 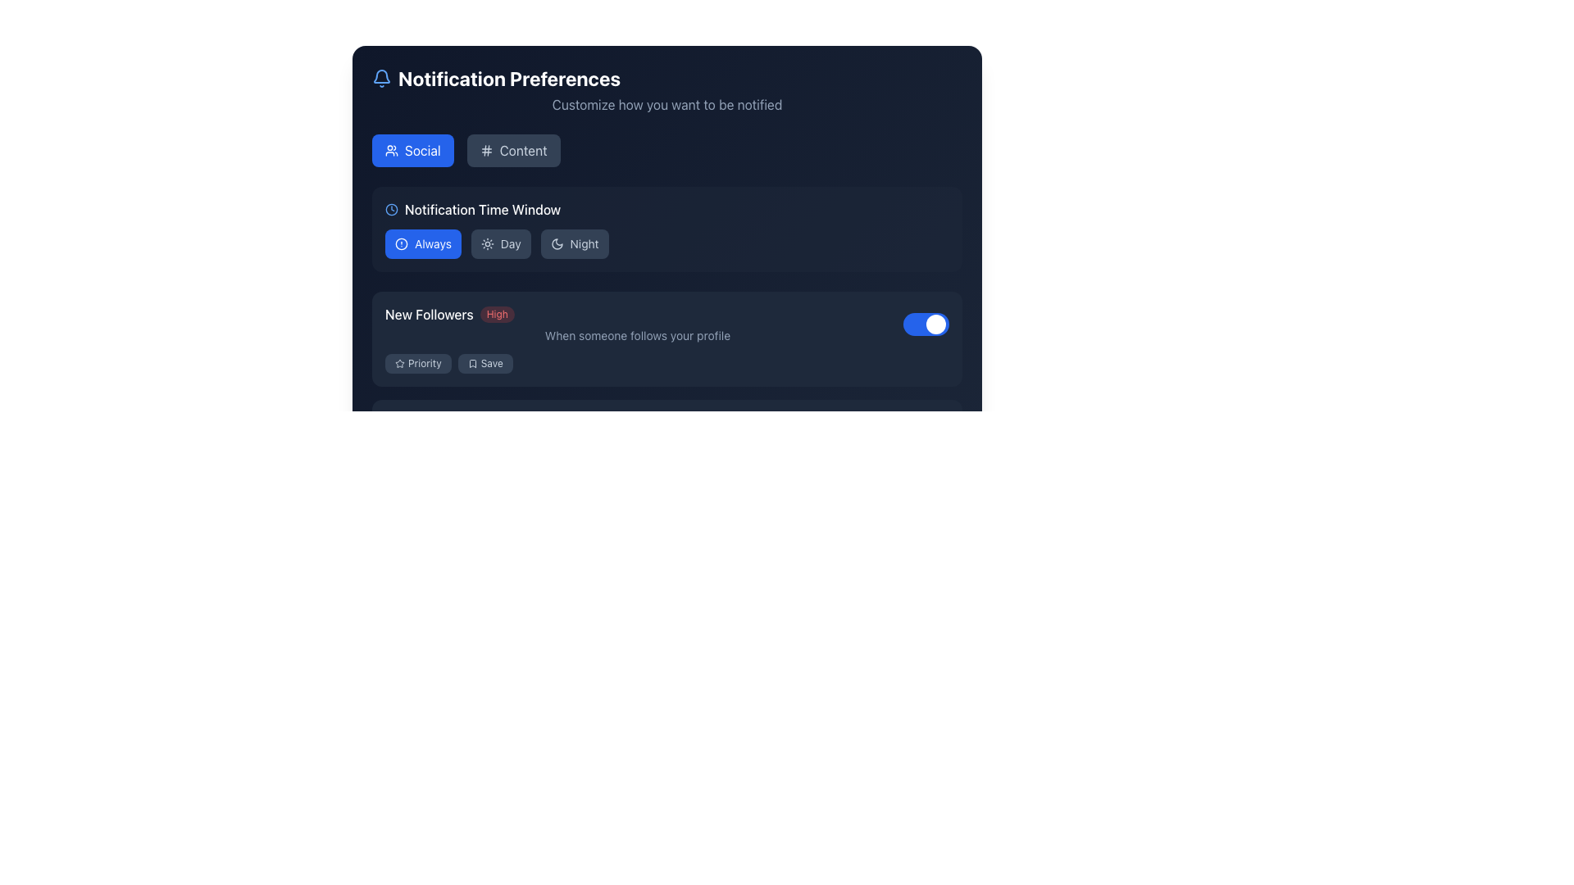 I want to click on the bookmark icon SVG graphic located within the 'Save' button at the bottom right of the 'New Followers' section, so click(x=471, y=362).